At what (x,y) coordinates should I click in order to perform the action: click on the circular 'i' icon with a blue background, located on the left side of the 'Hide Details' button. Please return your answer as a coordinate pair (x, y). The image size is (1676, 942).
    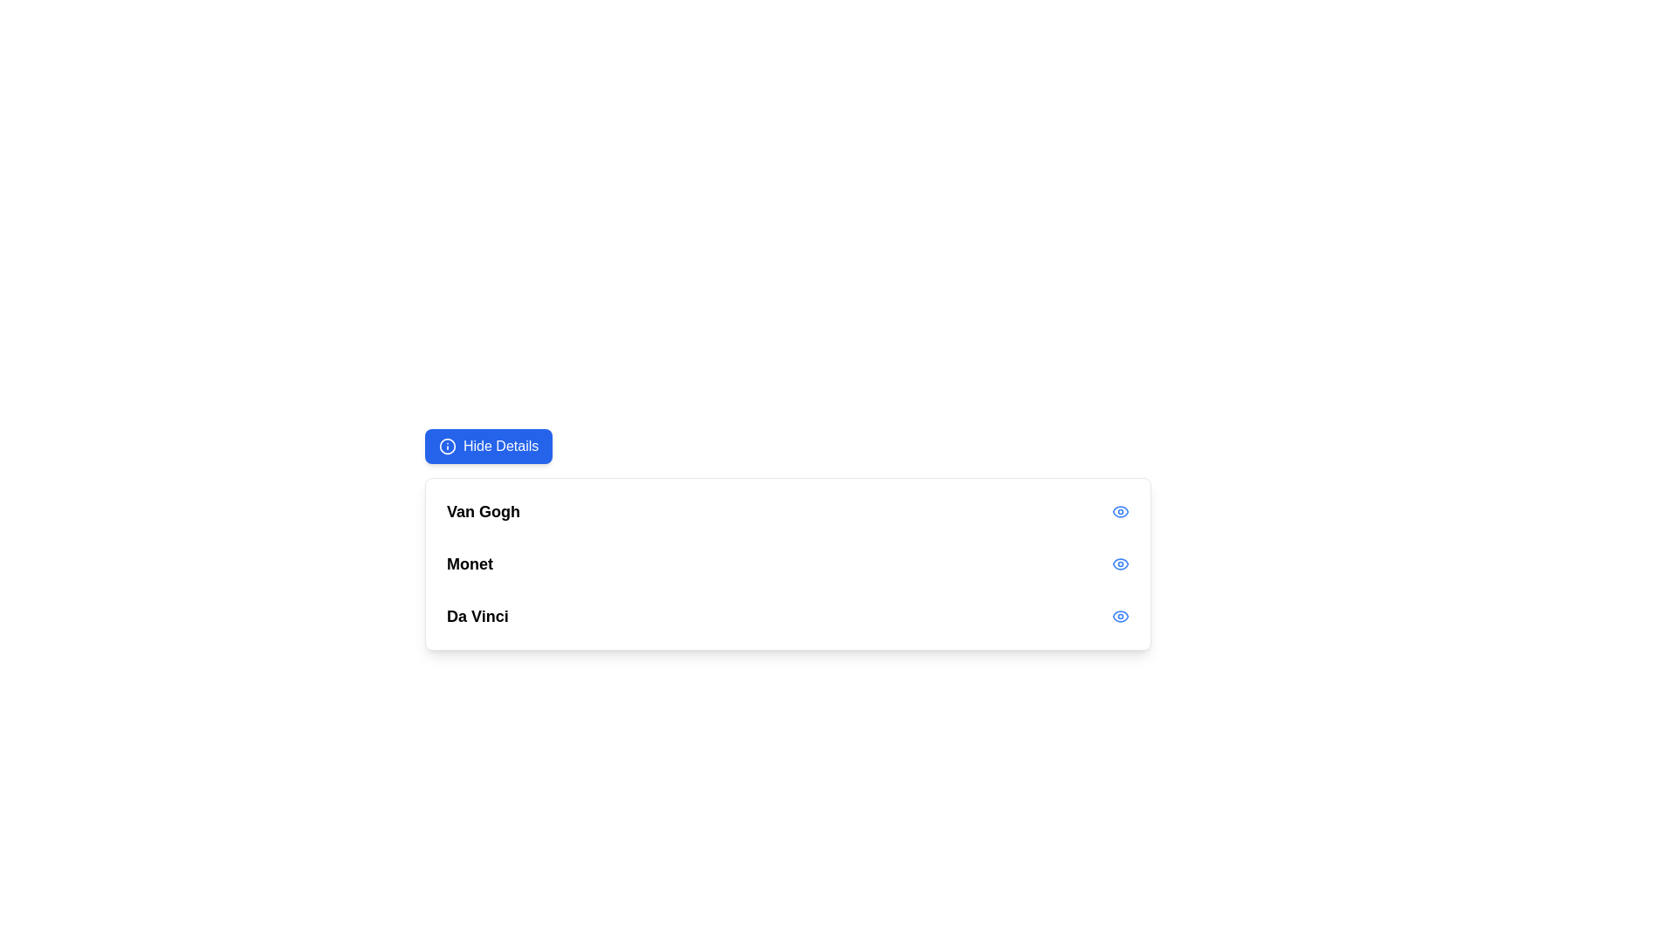
    Looking at the image, I should click on (448, 446).